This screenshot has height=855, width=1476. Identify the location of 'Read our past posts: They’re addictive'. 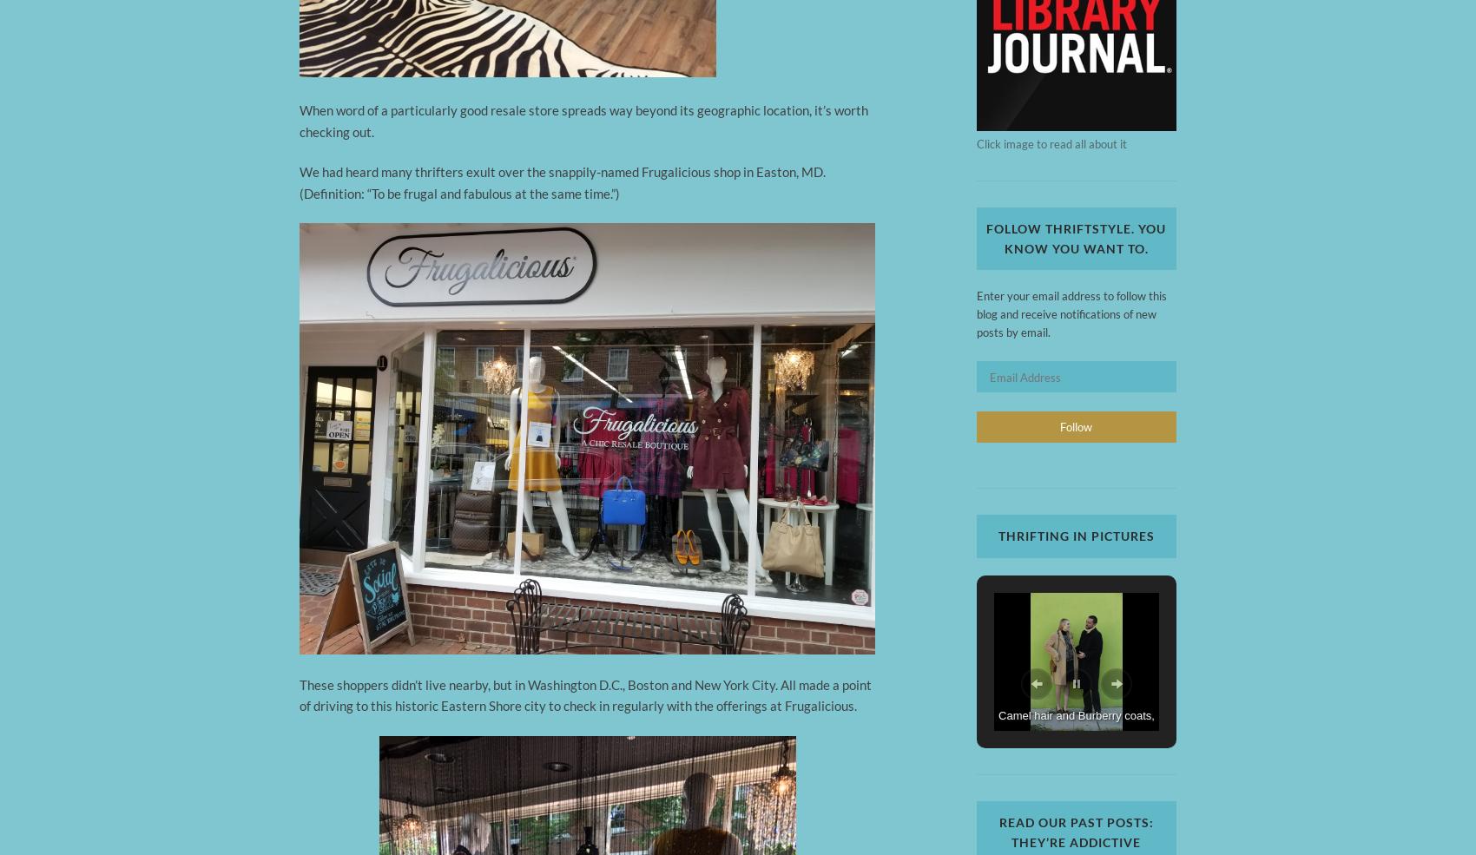
(1074, 832).